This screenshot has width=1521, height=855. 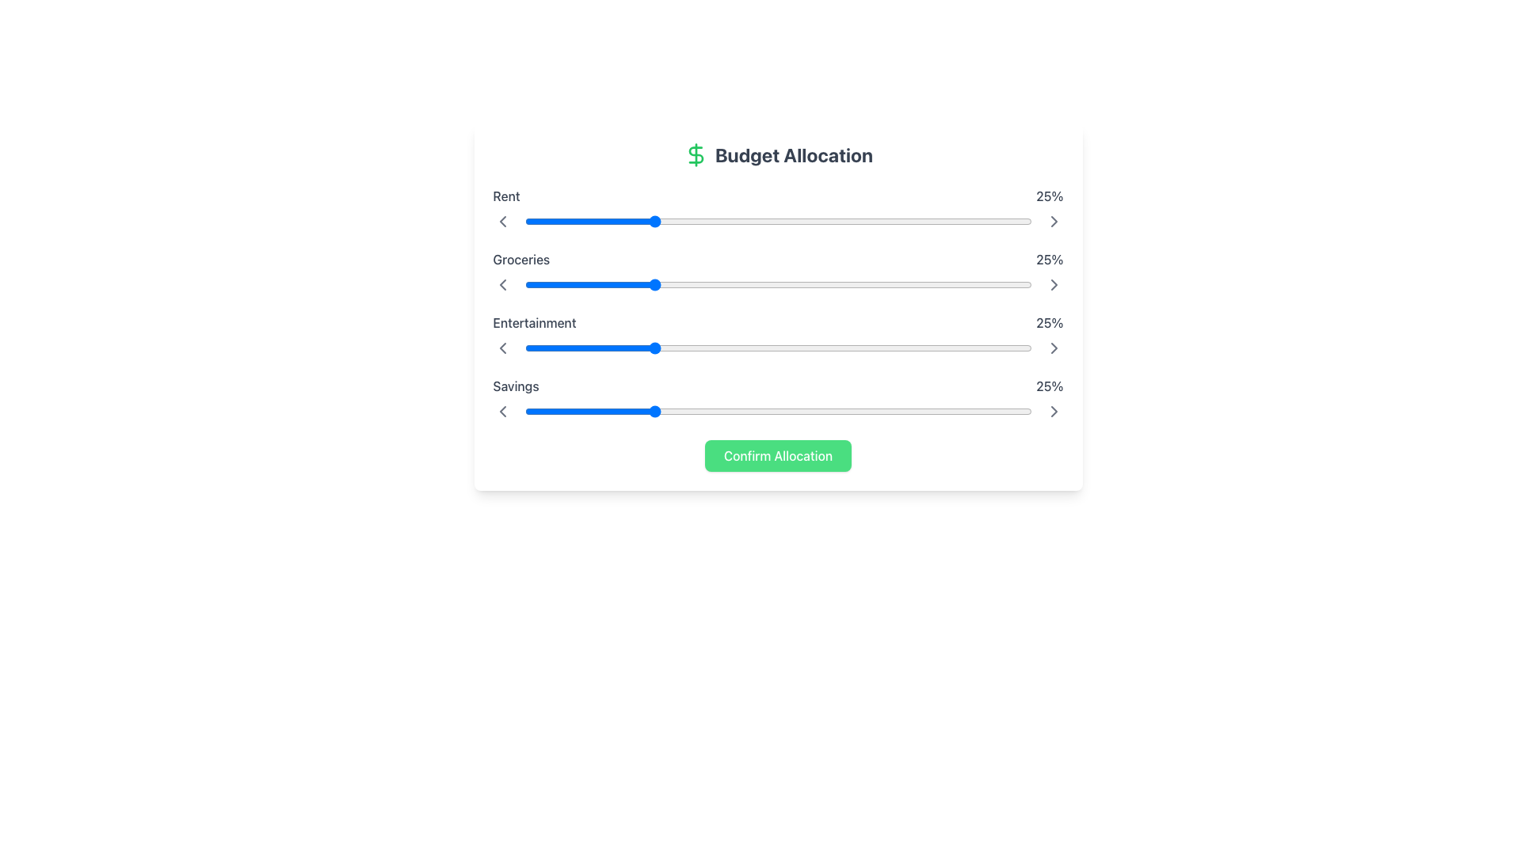 What do you see at coordinates (1050, 322) in the screenshot?
I see `displayed percentage value '25%' from the static text label located in the 'Entertainment' row of the budget allocation interface, which is aligned to the right-end of the row` at bounding box center [1050, 322].